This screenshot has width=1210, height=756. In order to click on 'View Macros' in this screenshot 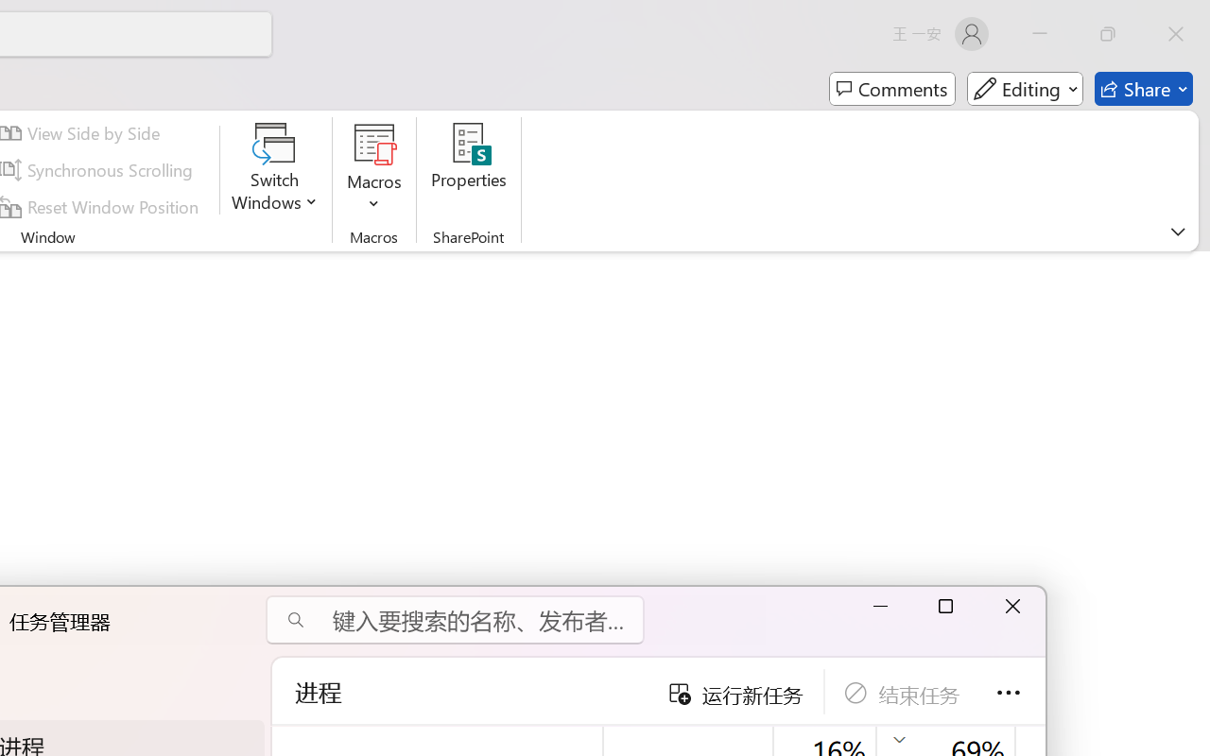, I will do `click(374, 143)`.